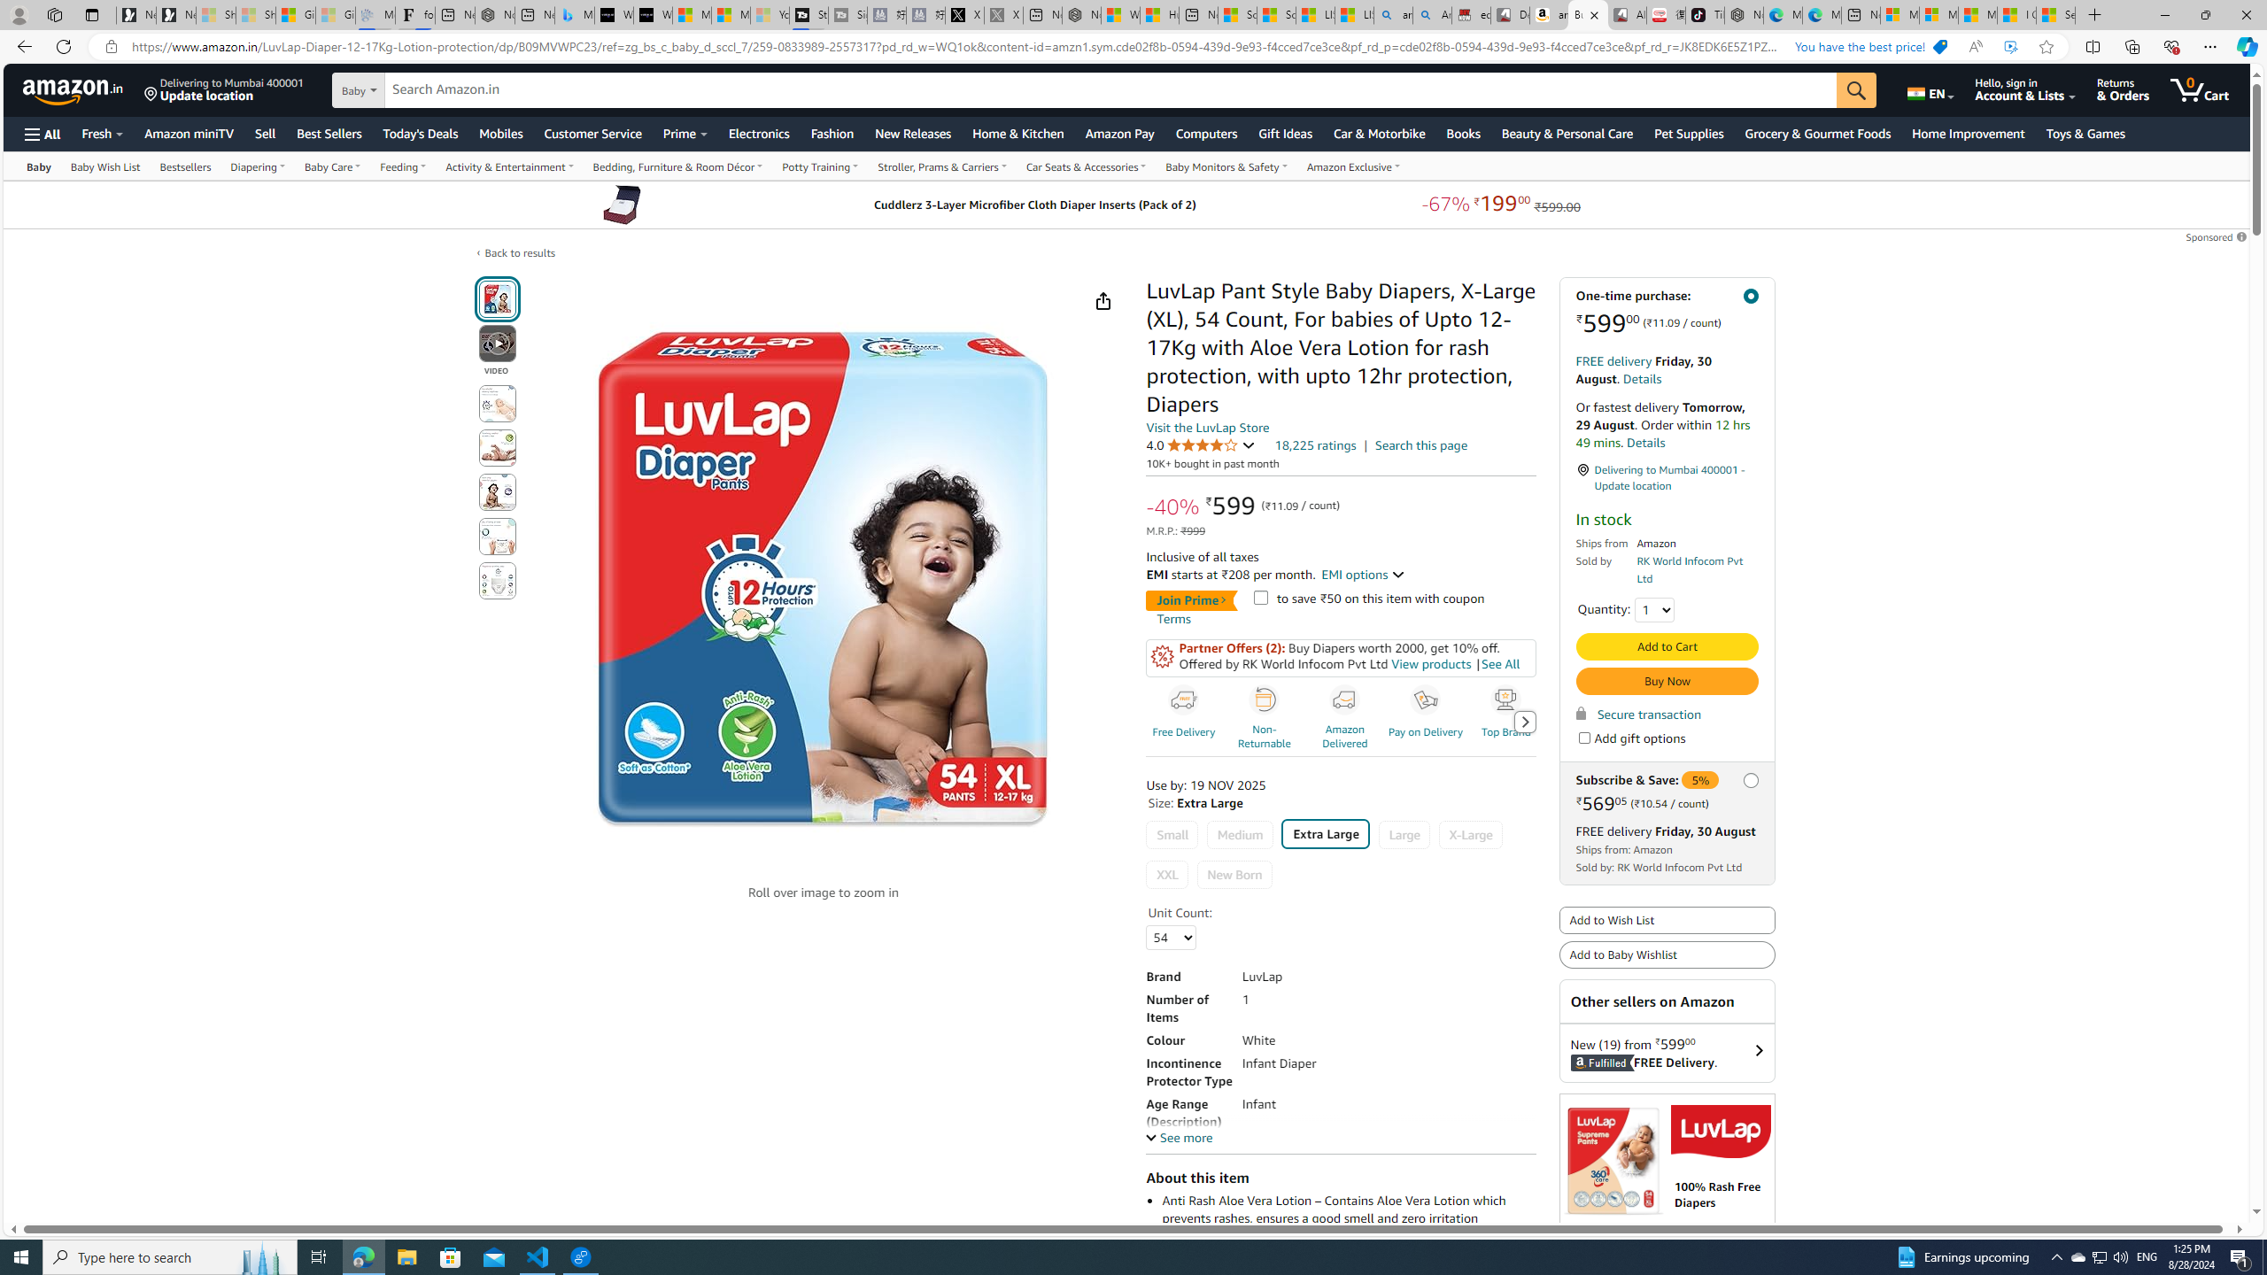 The image size is (2267, 1275). Describe the element at coordinates (1700, 779) in the screenshot. I see `'5%'` at that location.